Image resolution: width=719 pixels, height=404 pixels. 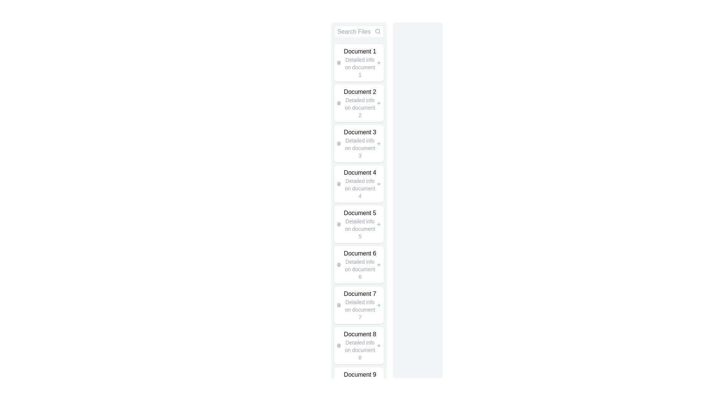 What do you see at coordinates (377, 31) in the screenshot?
I see `the decorative SVG Circle that represents the lens portion of the search icon located at the upper-right corner of the 'Search Files' input field` at bounding box center [377, 31].